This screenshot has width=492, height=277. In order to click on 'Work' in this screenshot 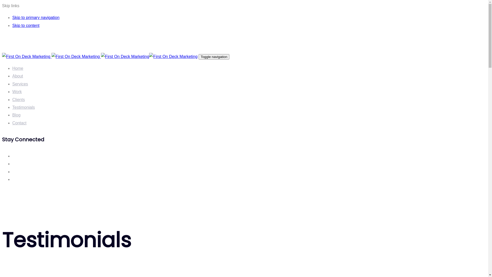, I will do `click(12, 91)`.